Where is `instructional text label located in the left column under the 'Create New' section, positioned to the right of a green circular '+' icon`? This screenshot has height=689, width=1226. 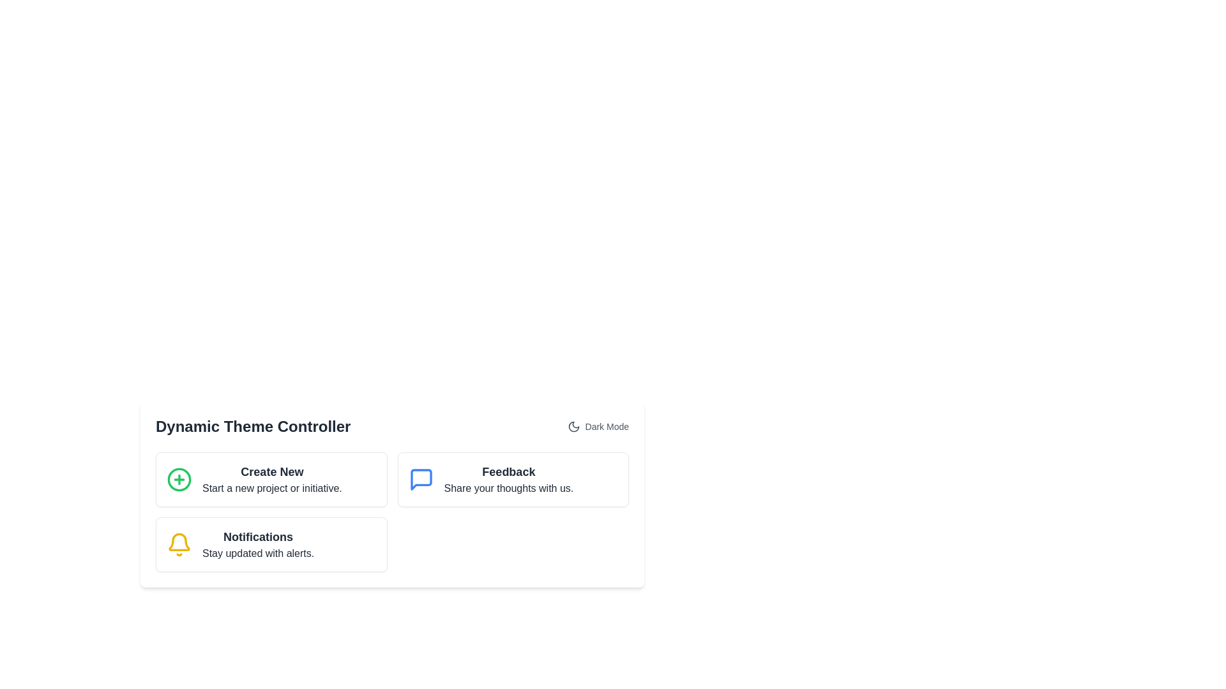 instructional text label located in the left column under the 'Create New' section, positioned to the right of a green circular '+' icon is located at coordinates (271, 480).